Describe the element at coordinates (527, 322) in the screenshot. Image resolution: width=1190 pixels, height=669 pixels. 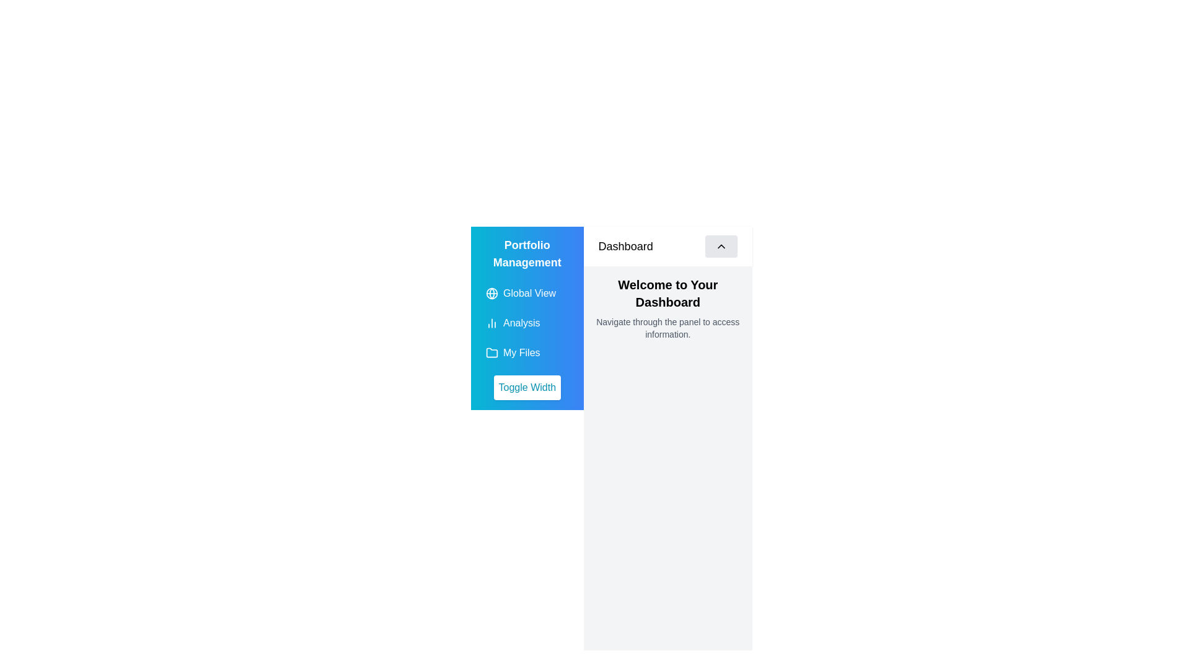
I see `the 'Analysis' item in the navigational menu located in the left-hand panel of the 'Portfolio Management' section` at that location.